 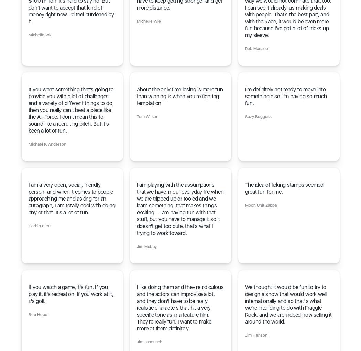 What do you see at coordinates (28, 294) in the screenshot?
I see `'If you watch a game, it's fun. If you play it, it's recreation. If you work at it, it's golf.'` at bounding box center [28, 294].